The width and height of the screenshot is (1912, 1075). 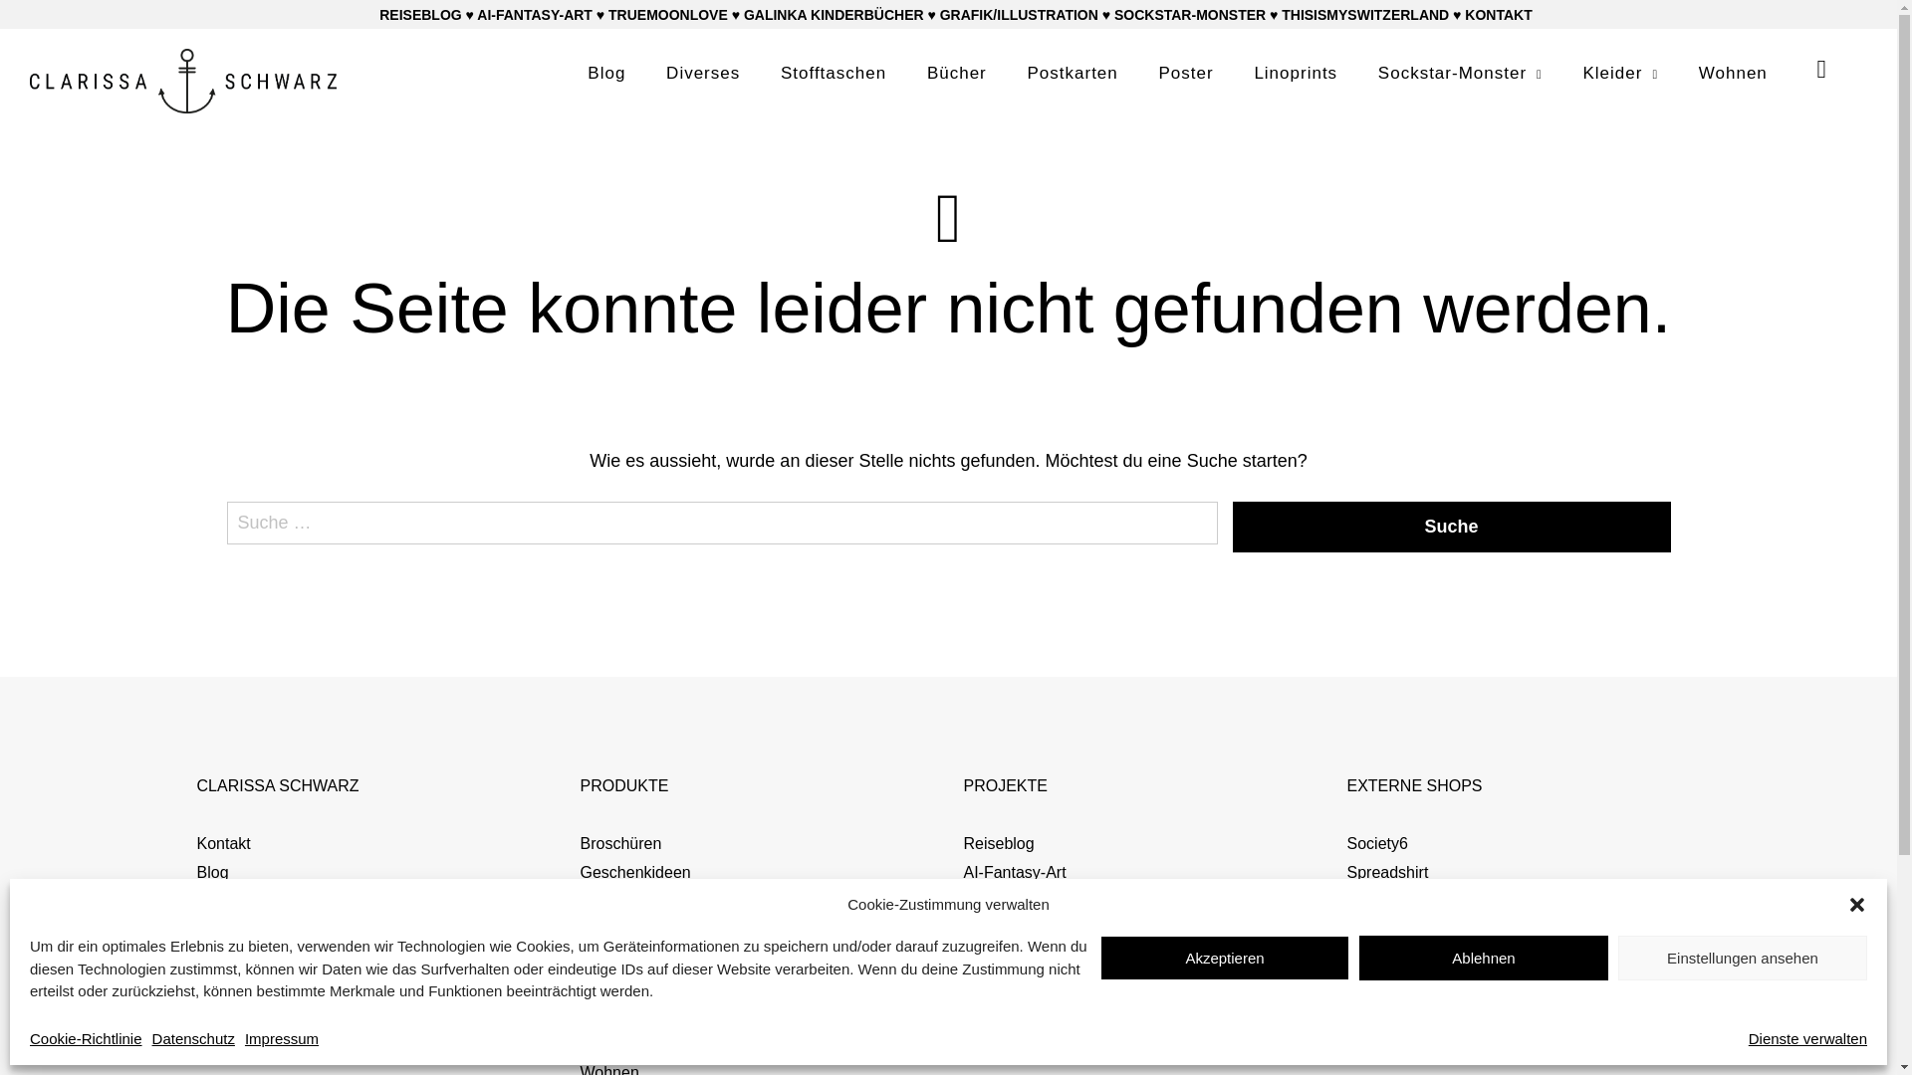 I want to click on 'TRUEMOONLOVE', so click(x=668, y=15).